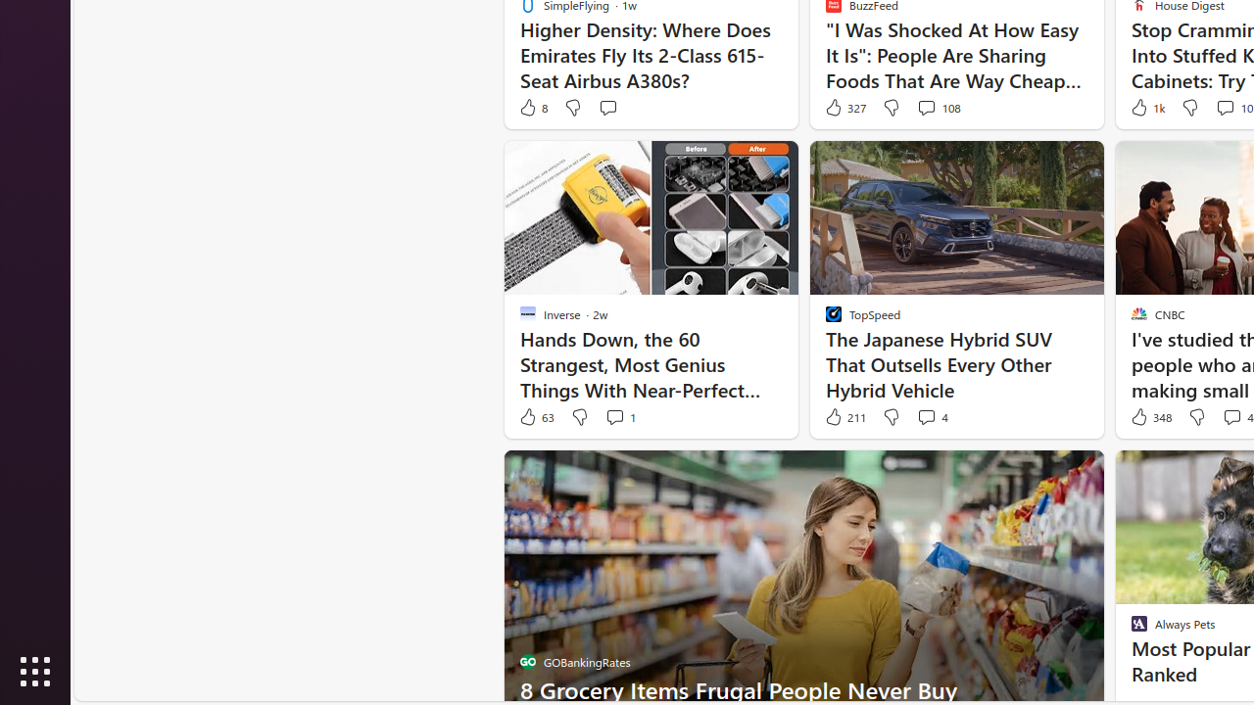 This screenshot has height=705, width=1254. What do you see at coordinates (532, 108) in the screenshot?
I see `'8 Like'` at bounding box center [532, 108].